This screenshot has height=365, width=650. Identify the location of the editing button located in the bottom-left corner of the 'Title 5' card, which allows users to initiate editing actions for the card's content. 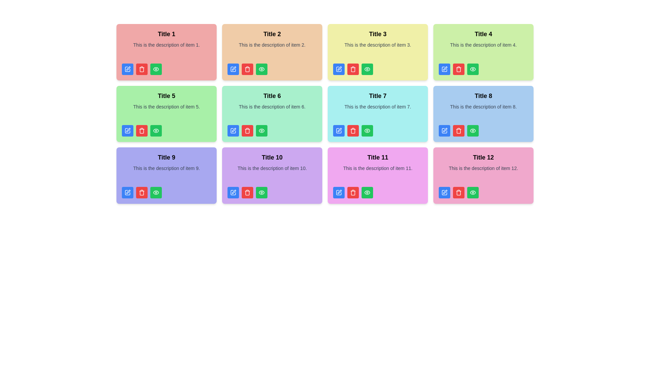
(128, 130).